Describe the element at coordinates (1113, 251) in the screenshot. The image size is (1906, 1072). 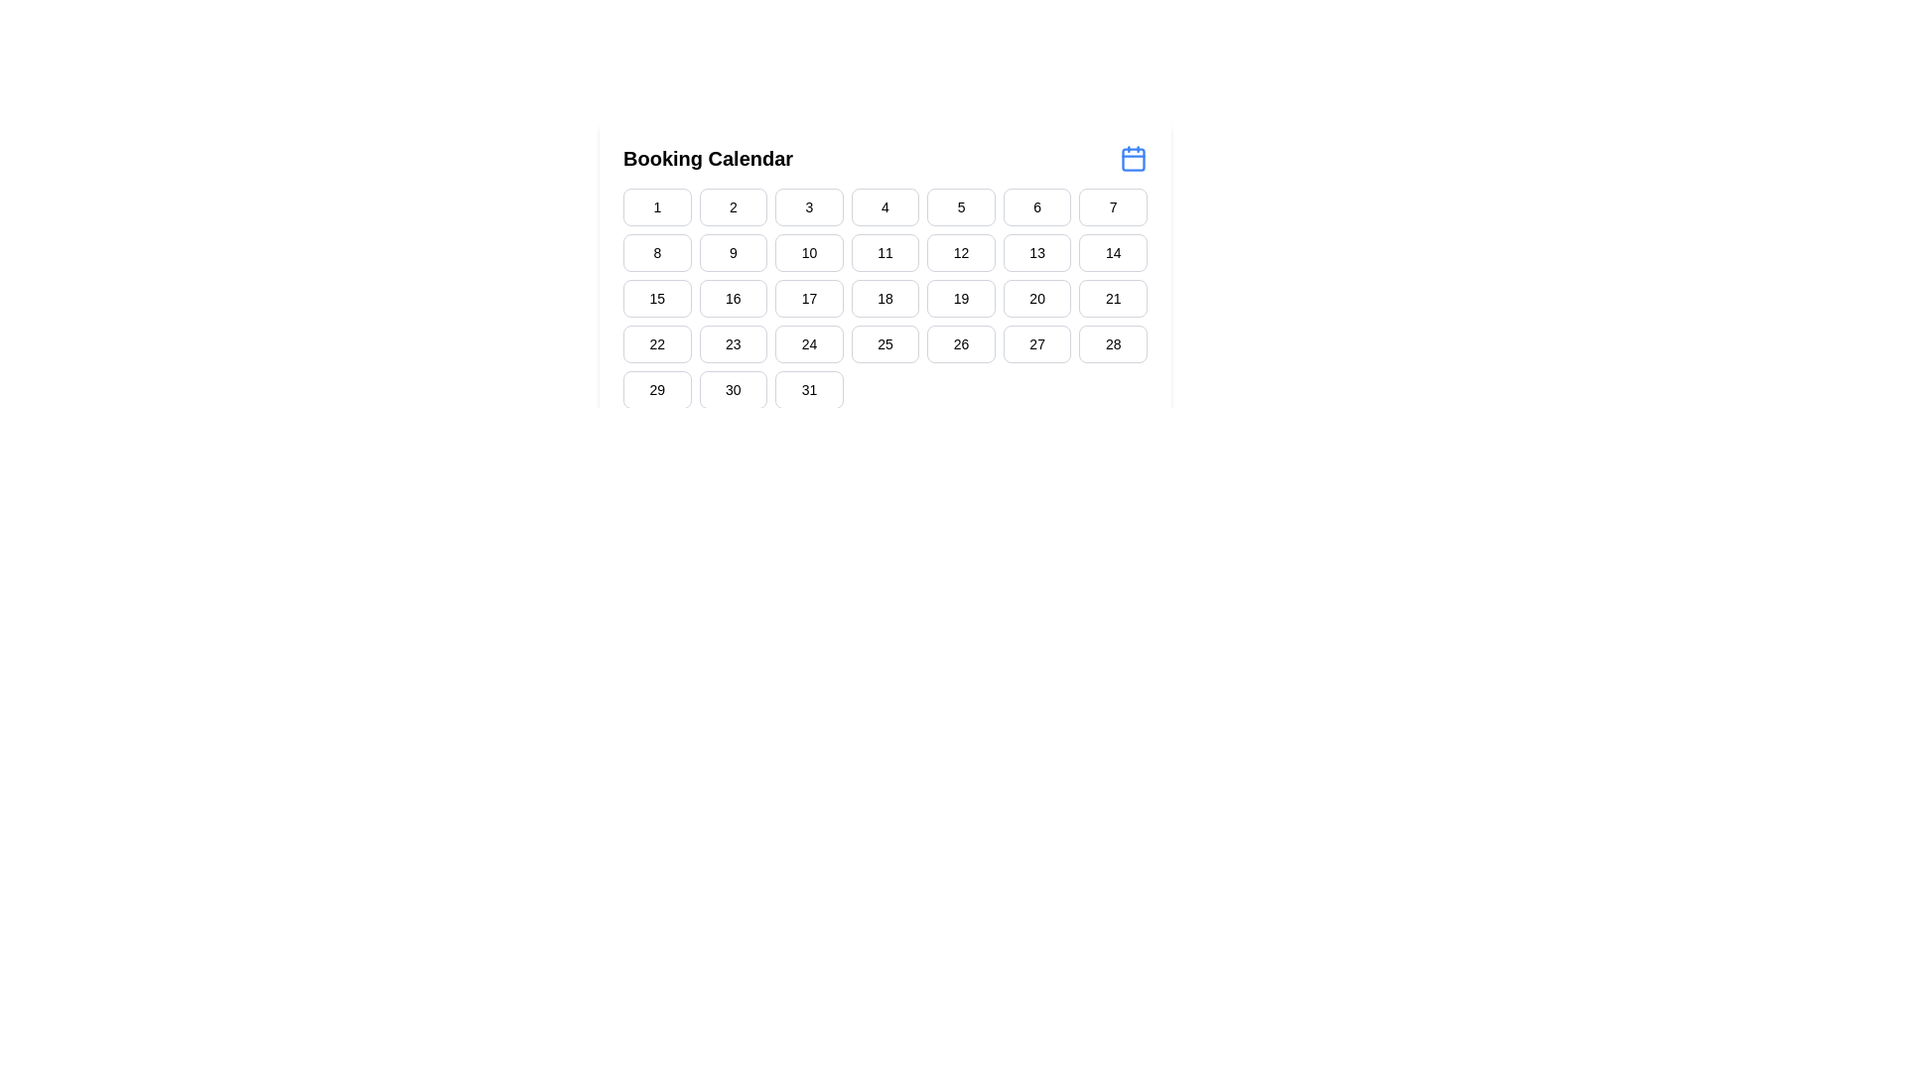
I see `the clickable button for the number '14' in the second row and seventh column of the grid layout to trigger a visual change` at that location.